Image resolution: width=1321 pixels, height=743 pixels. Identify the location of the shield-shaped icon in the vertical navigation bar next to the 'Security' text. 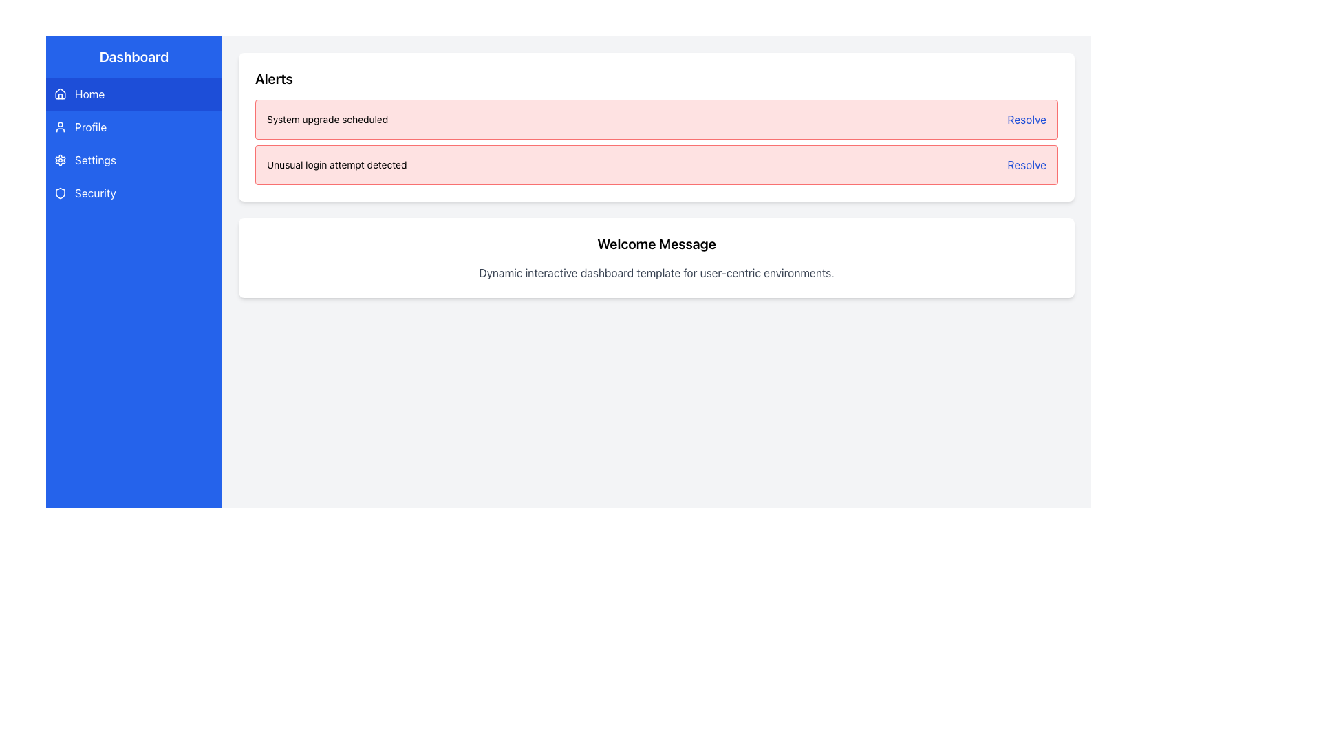
(59, 193).